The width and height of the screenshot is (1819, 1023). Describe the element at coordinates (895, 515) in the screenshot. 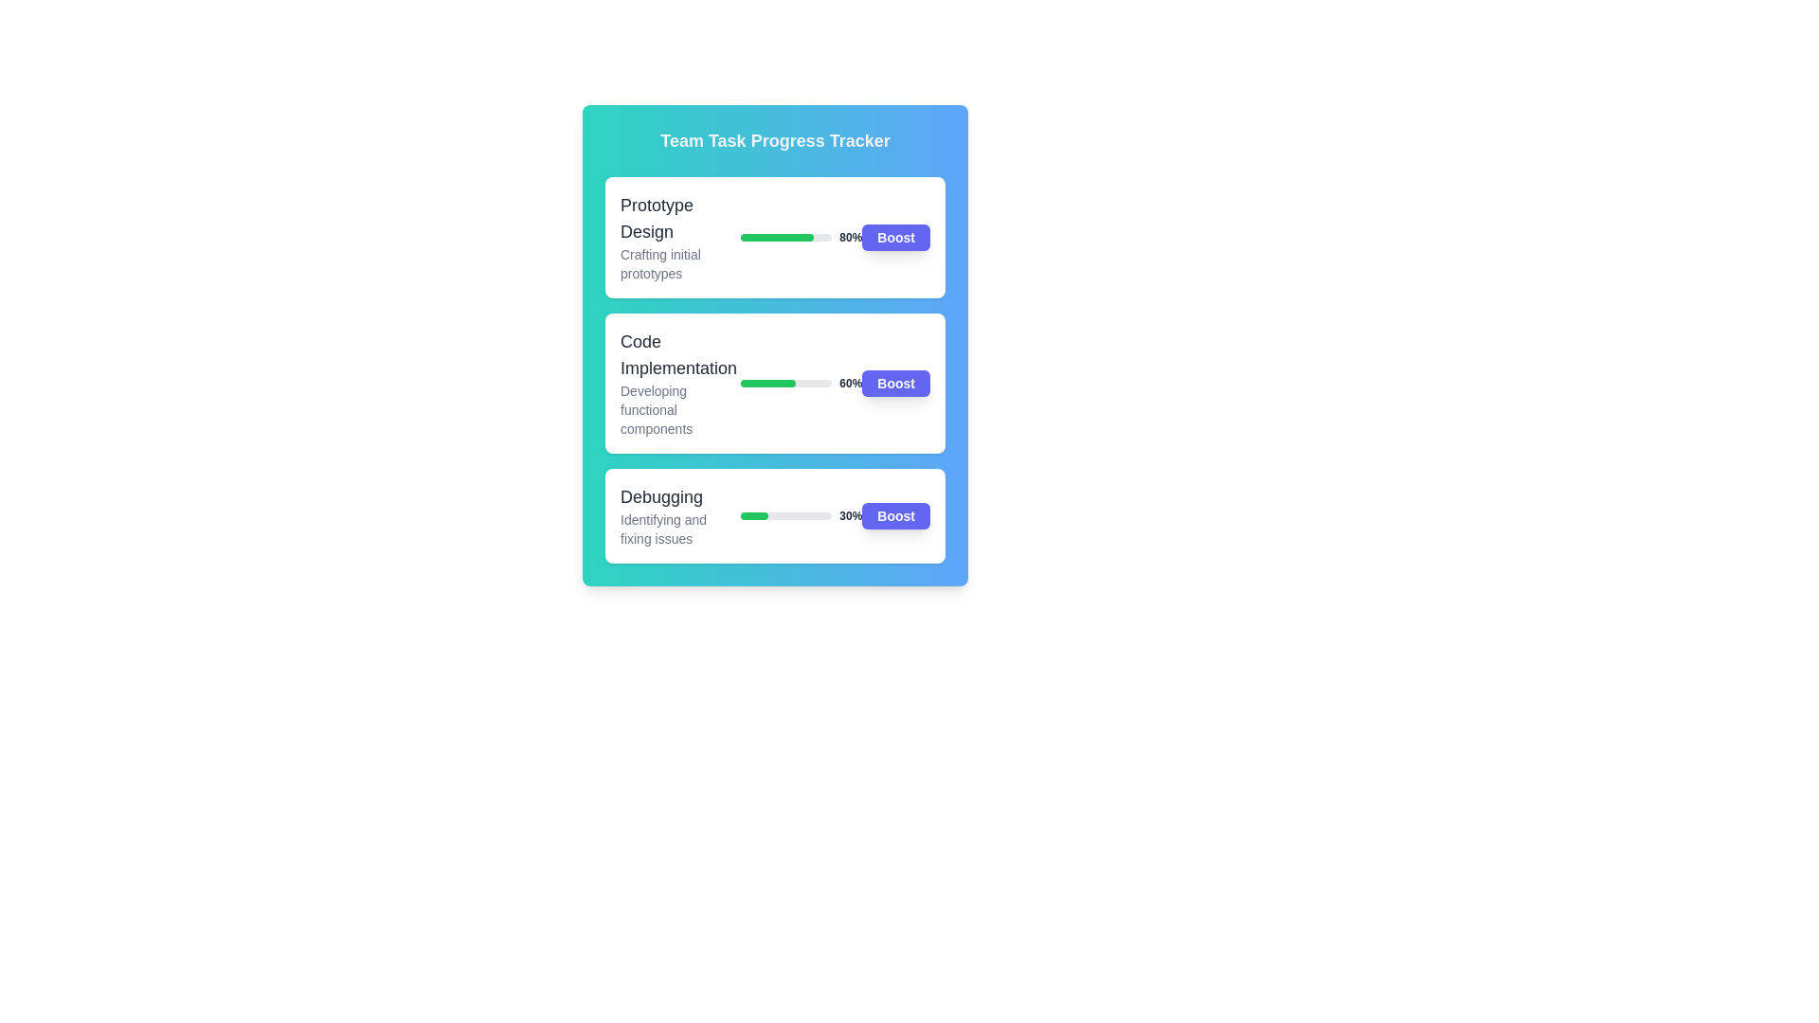

I see `the interactive button located at the far right of the 'Debugging' task panel` at that location.